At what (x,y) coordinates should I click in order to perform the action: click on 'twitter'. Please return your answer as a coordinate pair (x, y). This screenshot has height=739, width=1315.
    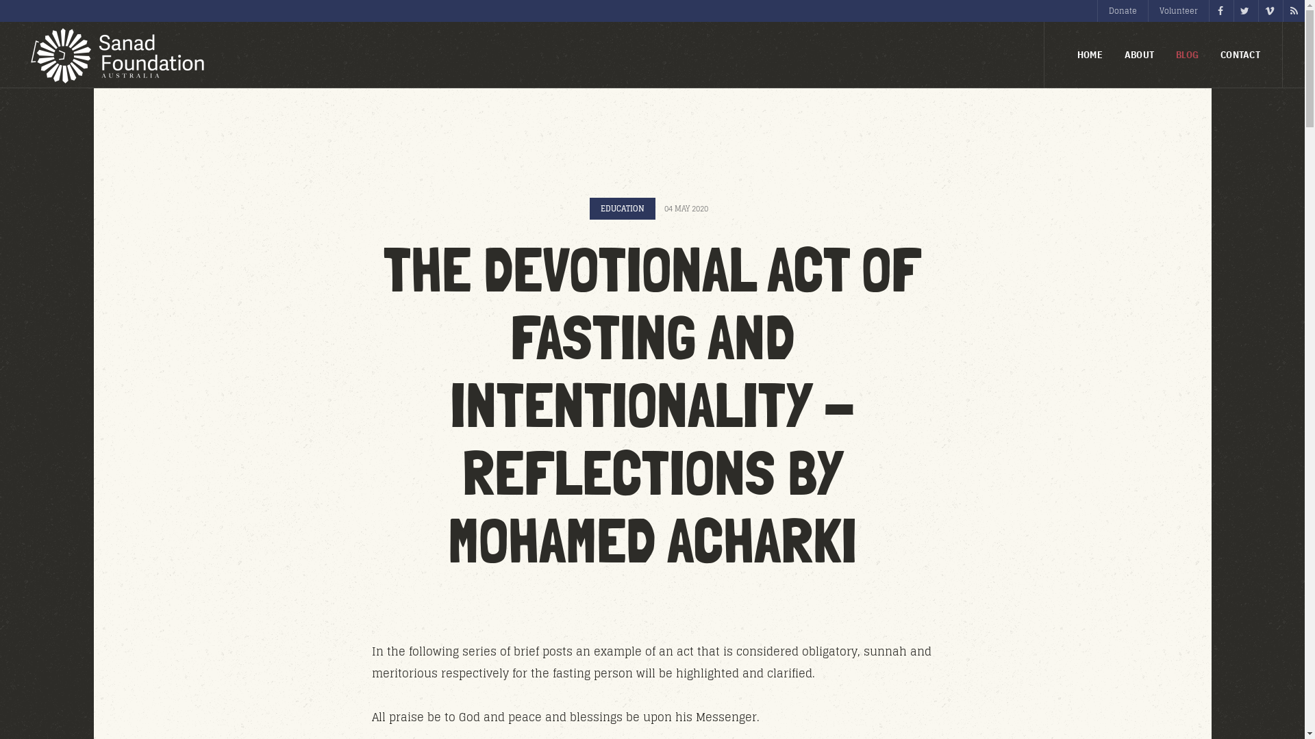
    Looking at the image, I should click on (1244, 10).